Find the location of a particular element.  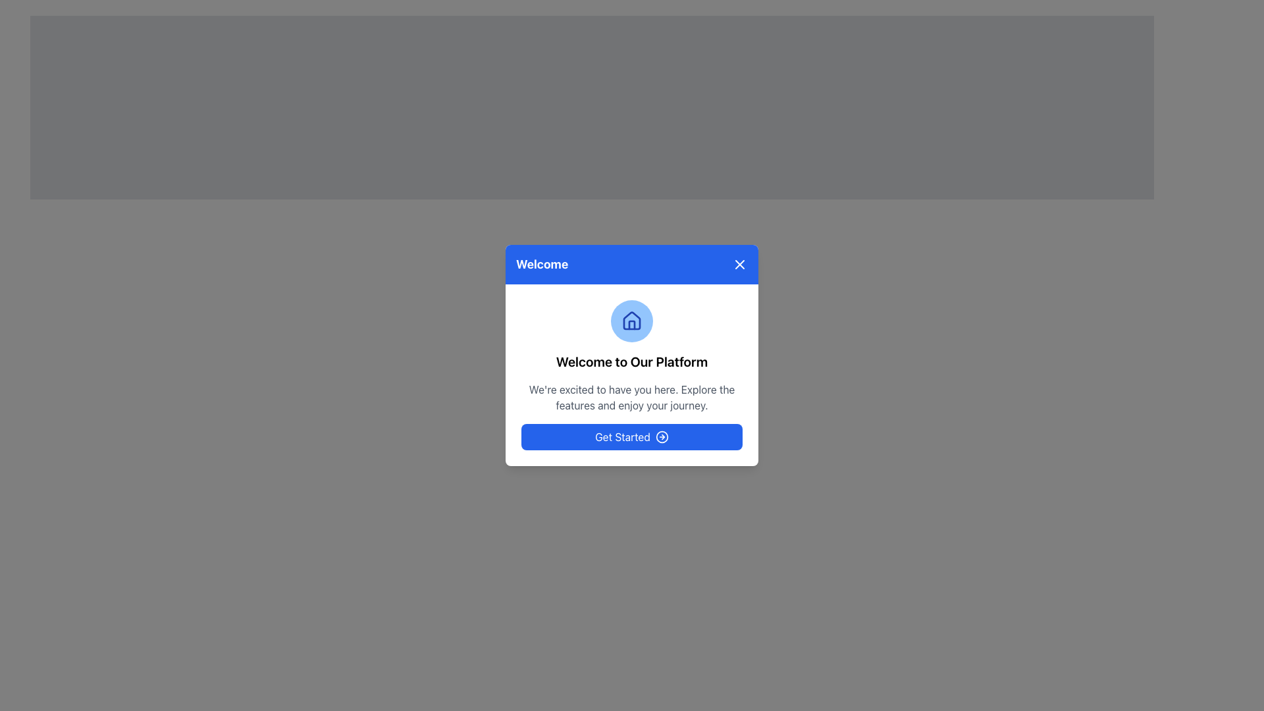

the welcoming message text block that introduces users to the platform, located between the heading 'Welcome to Our Platform' and the 'Get Started' button is located at coordinates (632, 397).